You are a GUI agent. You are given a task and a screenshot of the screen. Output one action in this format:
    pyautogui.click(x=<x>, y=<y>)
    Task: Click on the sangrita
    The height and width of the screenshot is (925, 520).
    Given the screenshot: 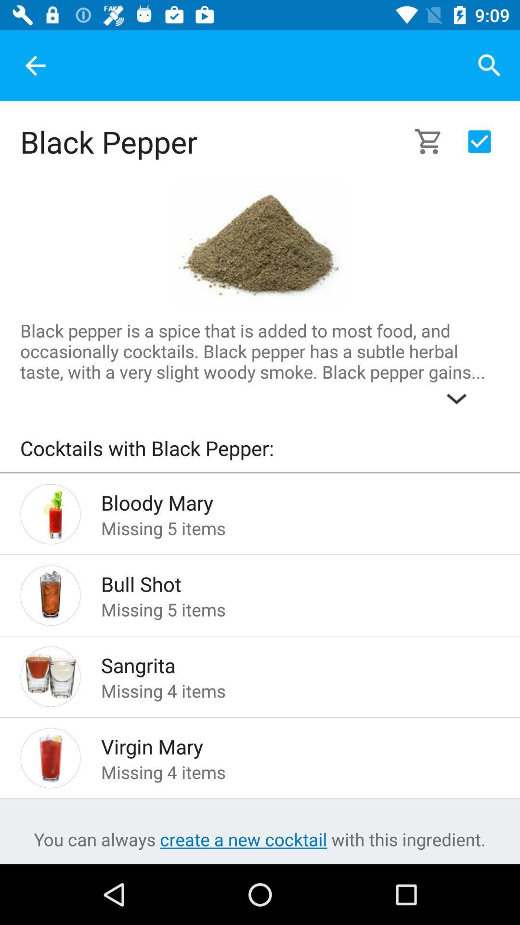 What is the action you would take?
    pyautogui.click(x=285, y=662)
    